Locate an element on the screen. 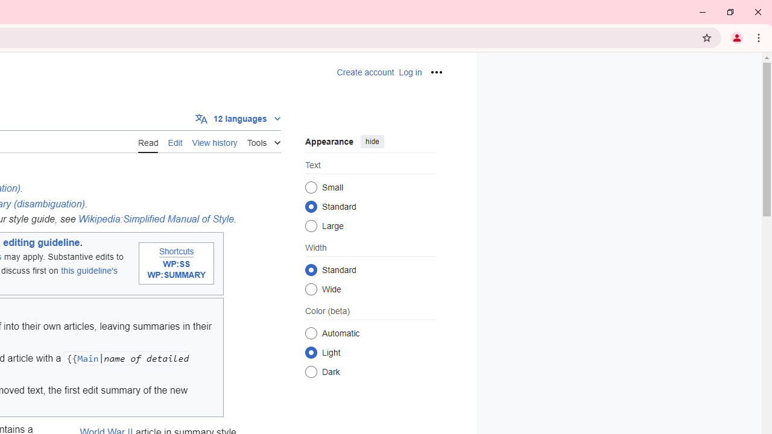  'View history' is located at coordinates (214, 141).